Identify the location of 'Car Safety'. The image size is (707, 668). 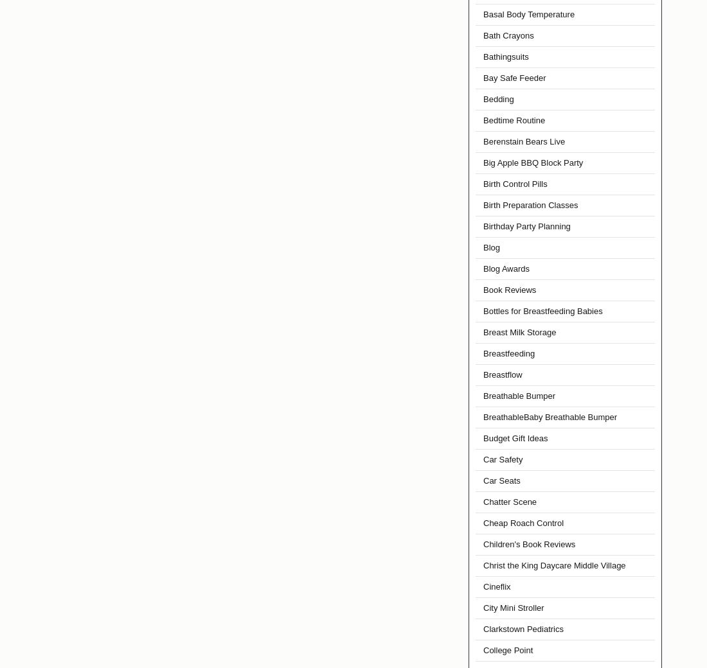
(503, 459).